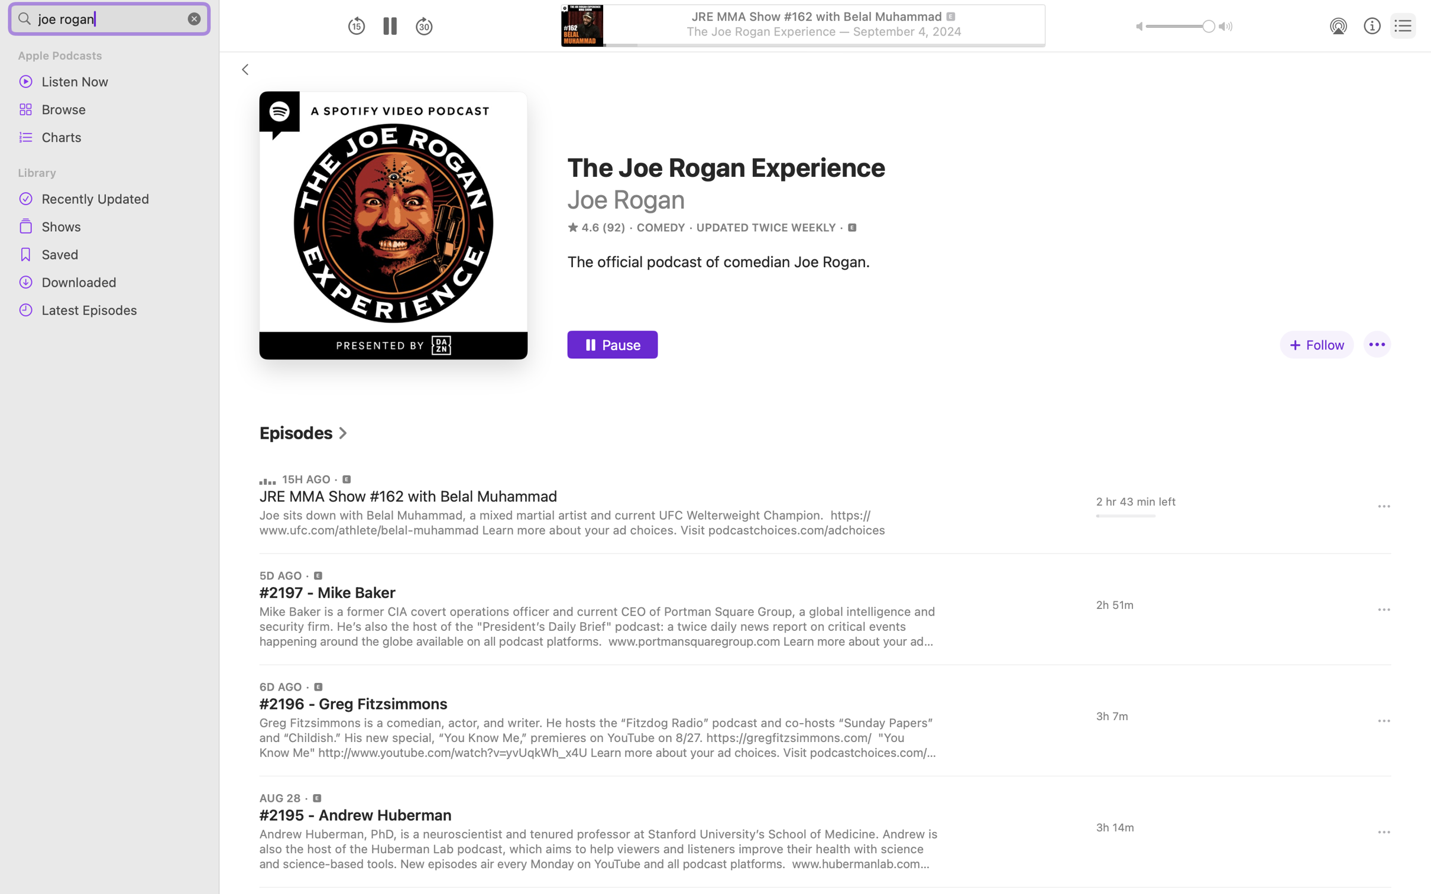 Image resolution: width=1431 pixels, height=894 pixels. What do you see at coordinates (1180, 26) in the screenshot?
I see `'1.0'` at bounding box center [1180, 26].